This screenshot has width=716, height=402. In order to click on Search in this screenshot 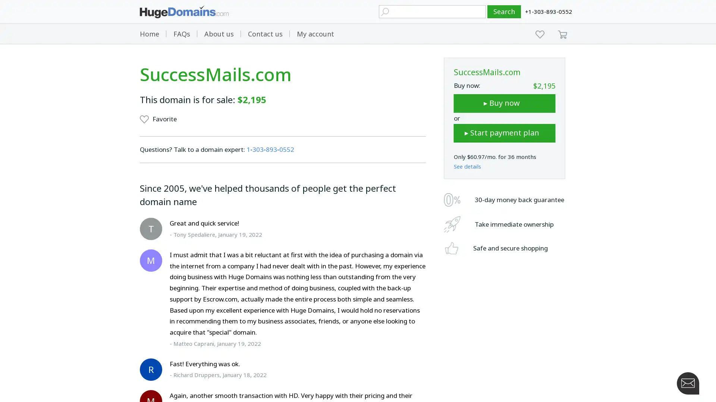, I will do `click(504, 12)`.